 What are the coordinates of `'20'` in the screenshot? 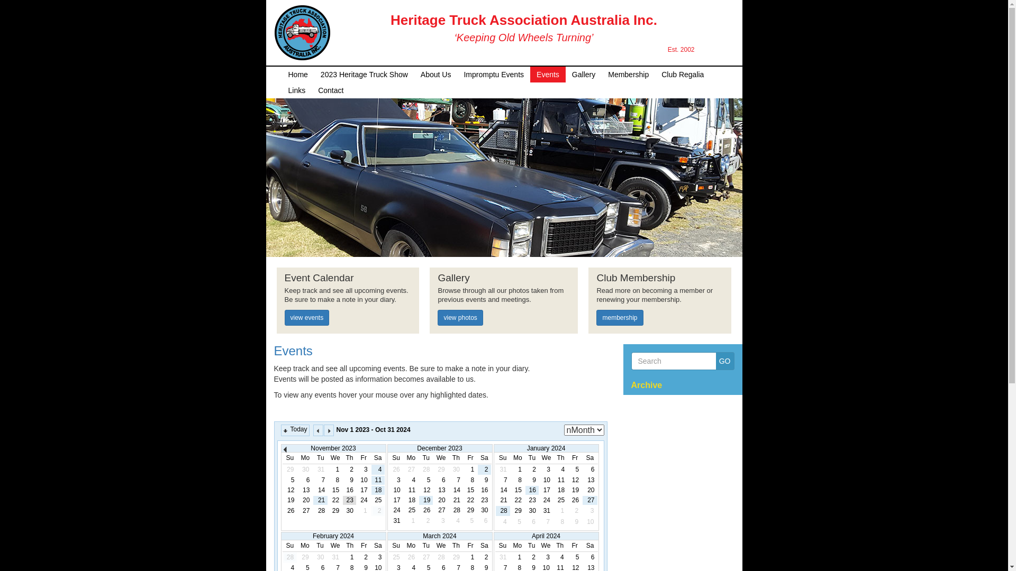 It's located at (589, 490).